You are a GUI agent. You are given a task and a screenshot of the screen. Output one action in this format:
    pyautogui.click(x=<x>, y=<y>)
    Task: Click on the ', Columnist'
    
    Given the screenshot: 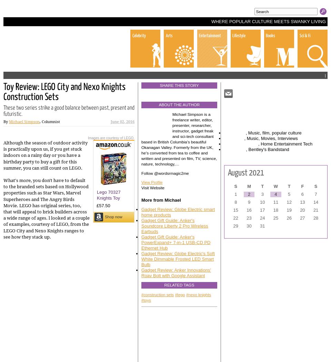 What is the action you would take?
    pyautogui.click(x=49, y=121)
    